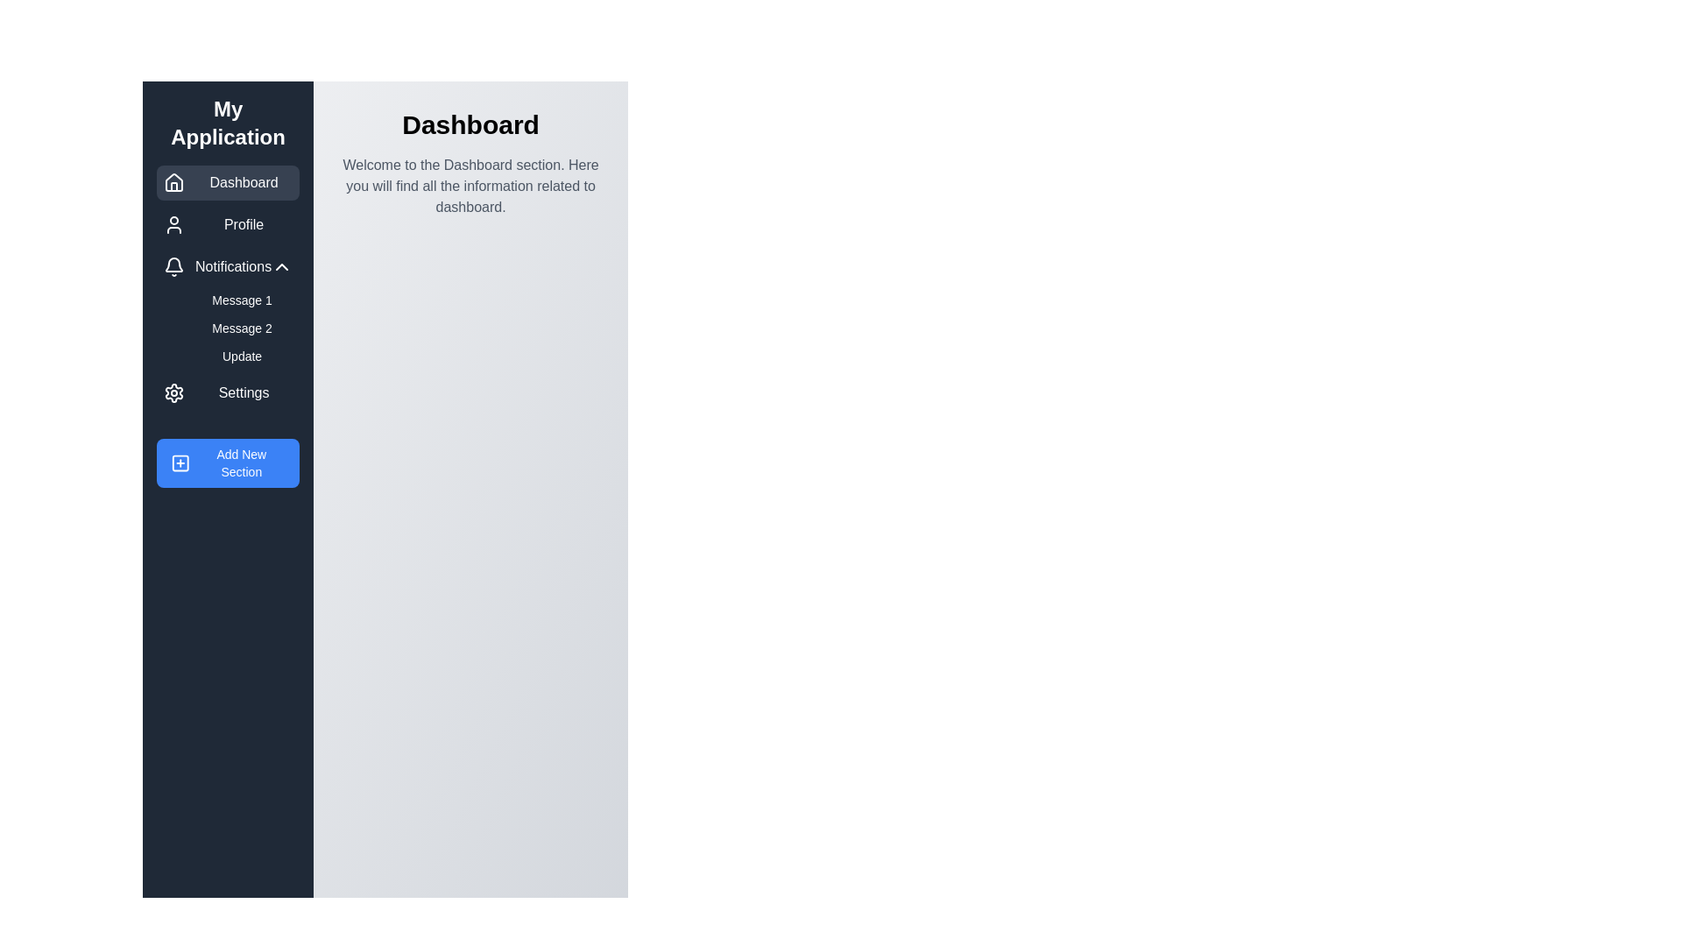 The image size is (1682, 946). Describe the element at coordinates (173, 265) in the screenshot. I see `the bell-shaped icon located in the navigation panel, which is positioned third from the top, directly beneath the 'Profile' icon and above the 'Settings' icon` at that location.